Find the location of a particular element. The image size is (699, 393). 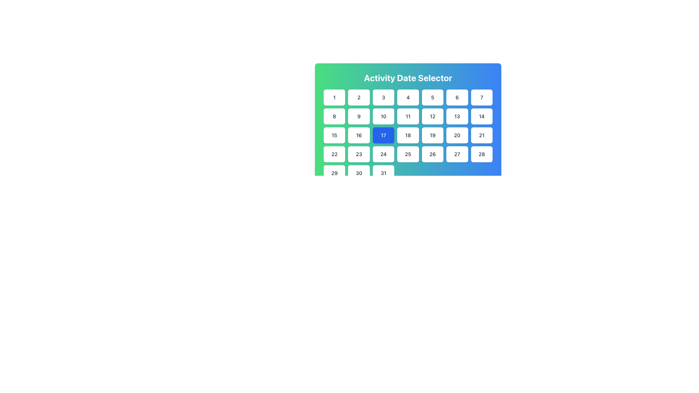

the date selector button labeled '11' located is located at coordinates (408, 116).